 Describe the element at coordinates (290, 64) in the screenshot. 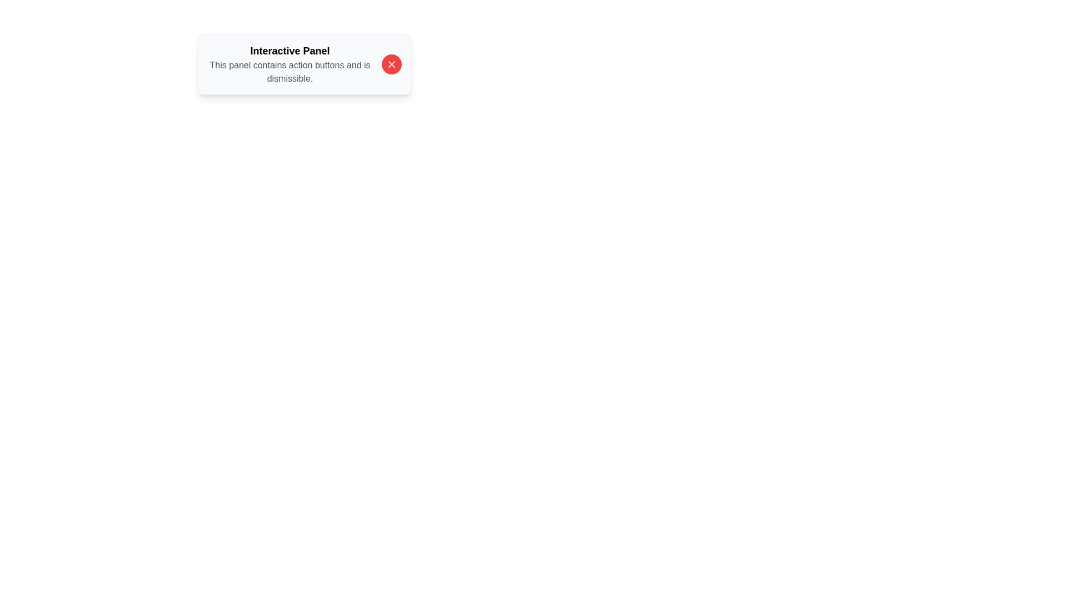

I see `the text block titled 'Interactive Panel' which contains a description about action buttons and its dismissible nature` at that location.